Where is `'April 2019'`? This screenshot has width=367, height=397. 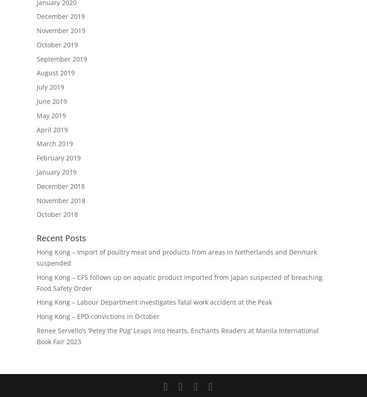 'April 2019' is located at coordinates (51, 129).